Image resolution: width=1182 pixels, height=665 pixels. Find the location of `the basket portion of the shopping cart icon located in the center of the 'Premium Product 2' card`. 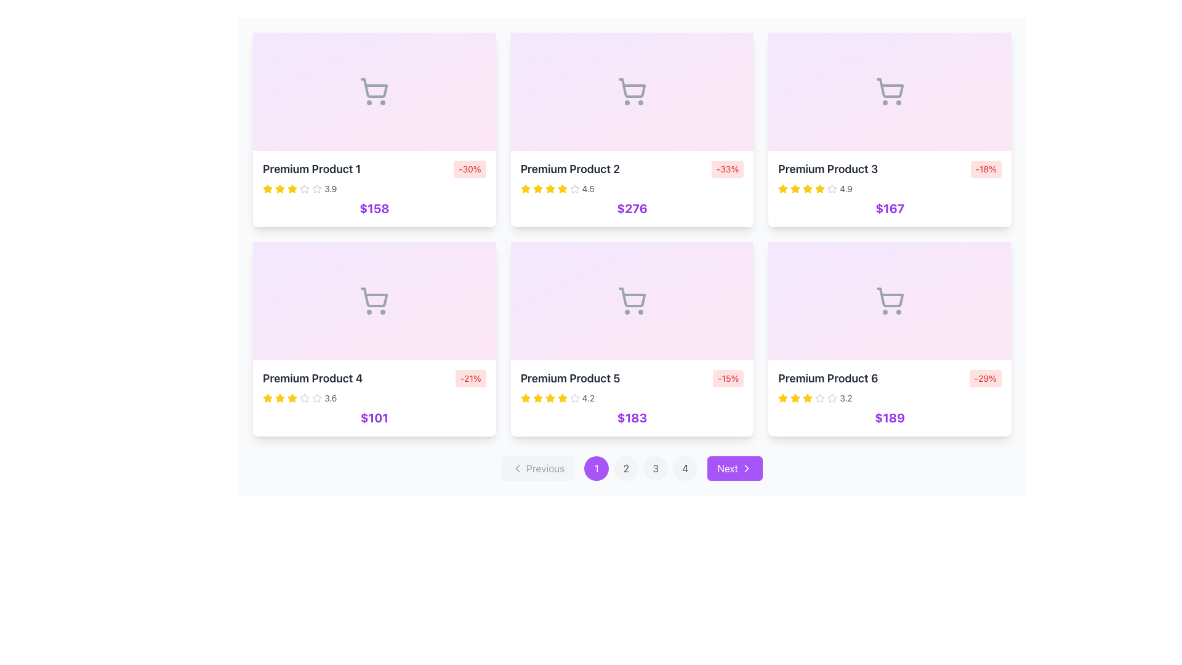

the basket portion of the shopping cart icon located in the center of the 'Premium Product 2' card is located at coordinates (632, 87).